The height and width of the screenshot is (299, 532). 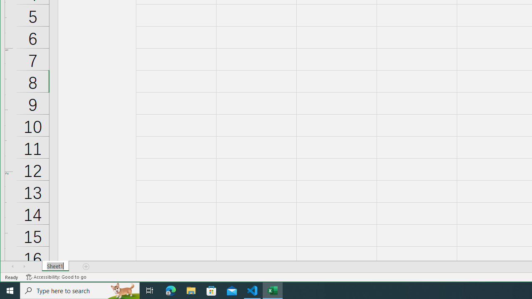 What do you see at coordinates (55, 266) in the screenshot?
I see `'Sheet Tab'` at bounding box center [55, 266].